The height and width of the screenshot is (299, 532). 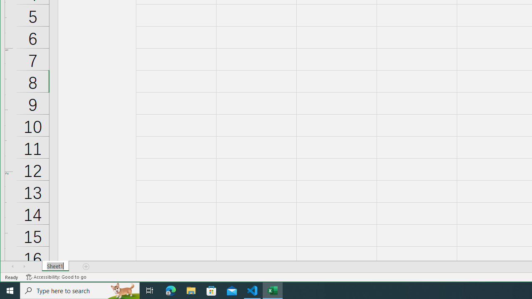 What do you see at coordinates (55, 266) in the screenshot?
I see `'Sheet Tab'` at bounding box center [55, 266].